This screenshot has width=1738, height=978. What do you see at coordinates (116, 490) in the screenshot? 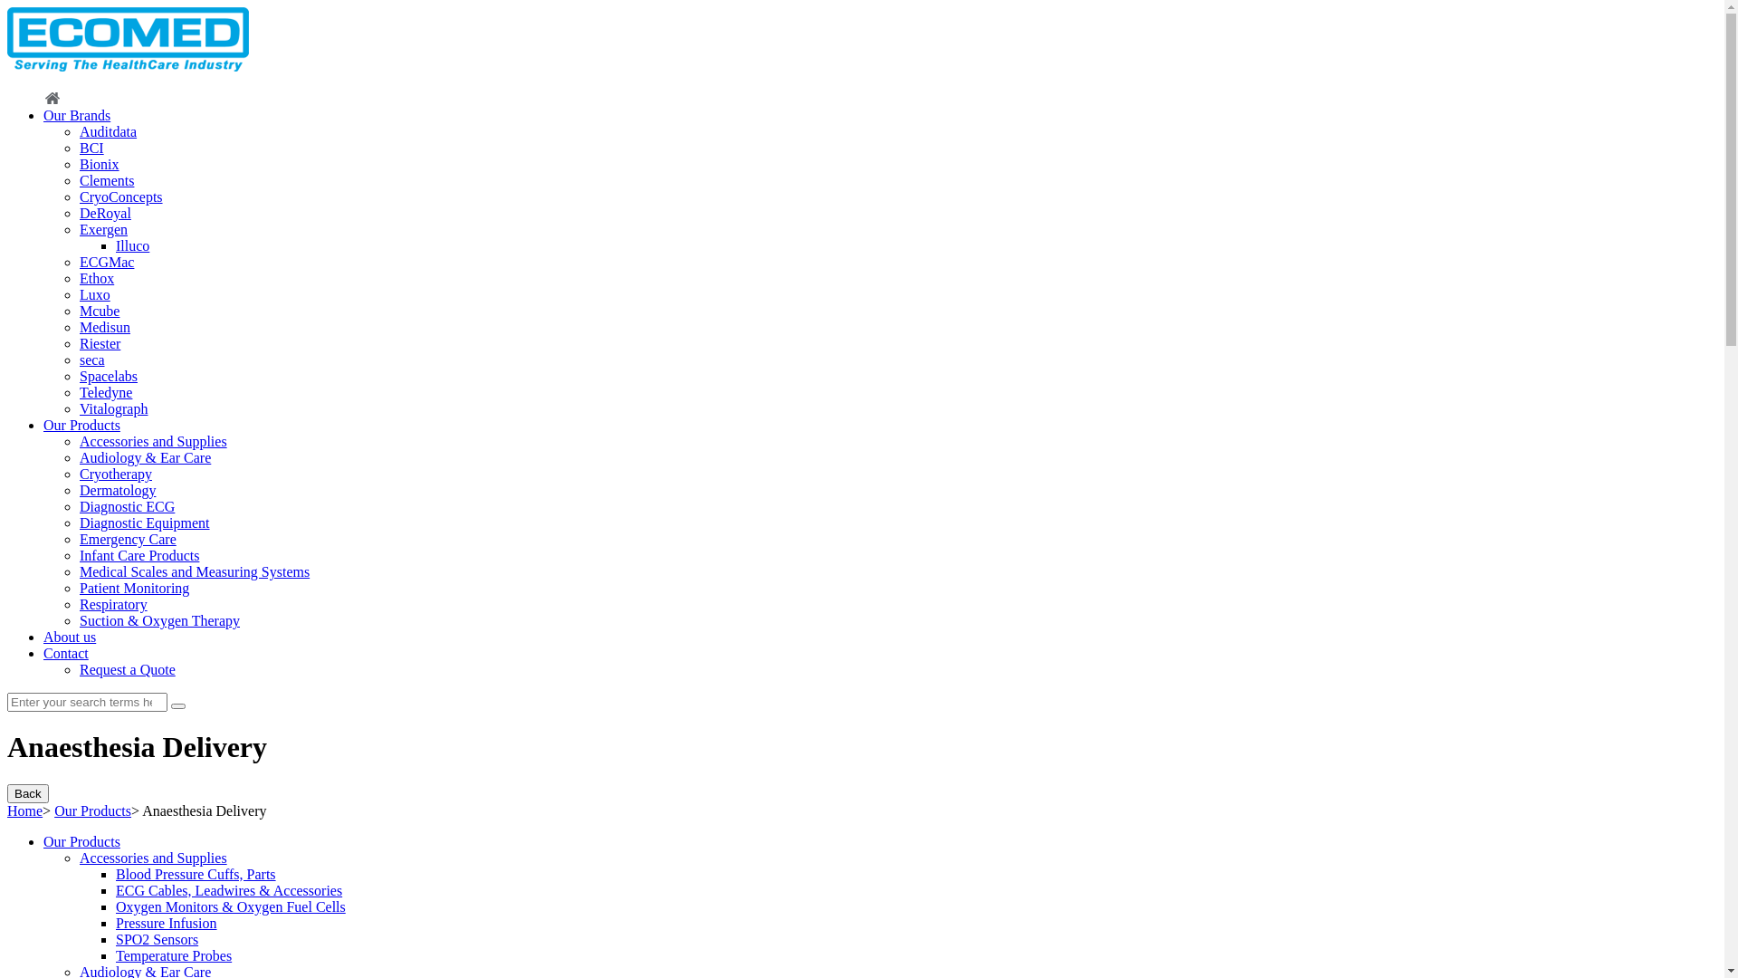
I see `'Dermatology'` at bounding box center [116, 490].